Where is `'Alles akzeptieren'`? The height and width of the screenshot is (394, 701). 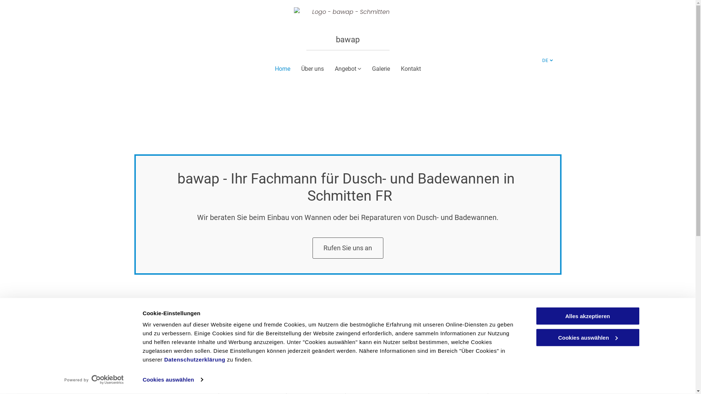 'Alles akzeptieren' is located at coordinates (535, 316).